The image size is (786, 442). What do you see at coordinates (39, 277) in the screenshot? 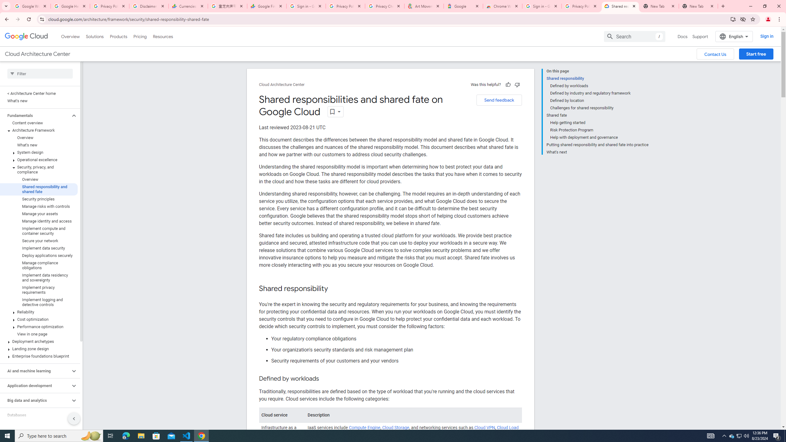
I see `'Implement data residency and sovereignty'` at bounding box center [39, 277].